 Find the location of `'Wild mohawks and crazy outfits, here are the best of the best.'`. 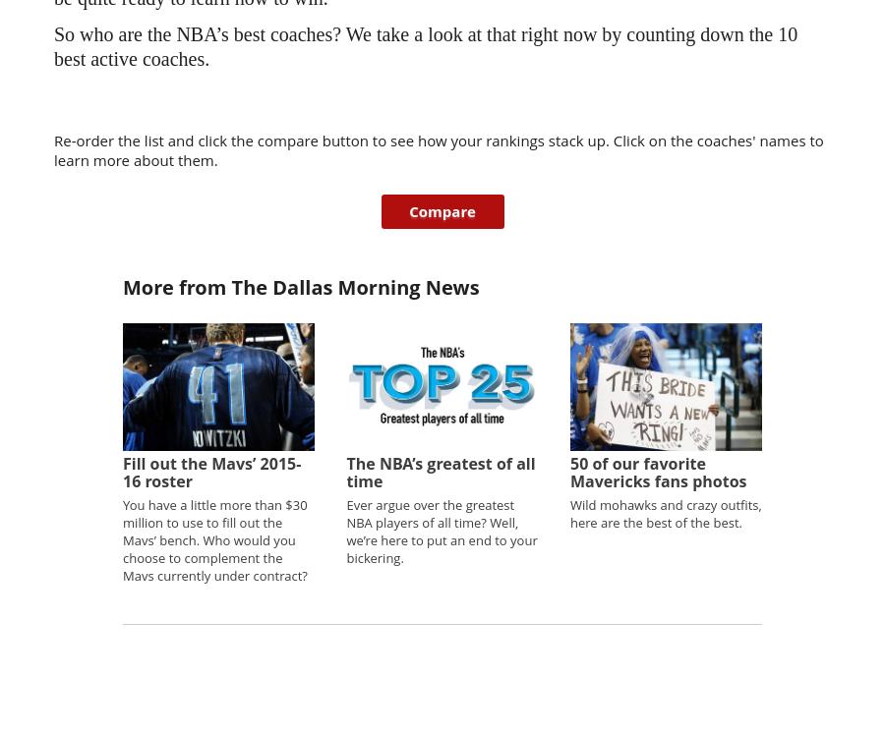

'Wild mohawks and crazy outfits, here are the best of the best.' is located at coordinates (664, 512).